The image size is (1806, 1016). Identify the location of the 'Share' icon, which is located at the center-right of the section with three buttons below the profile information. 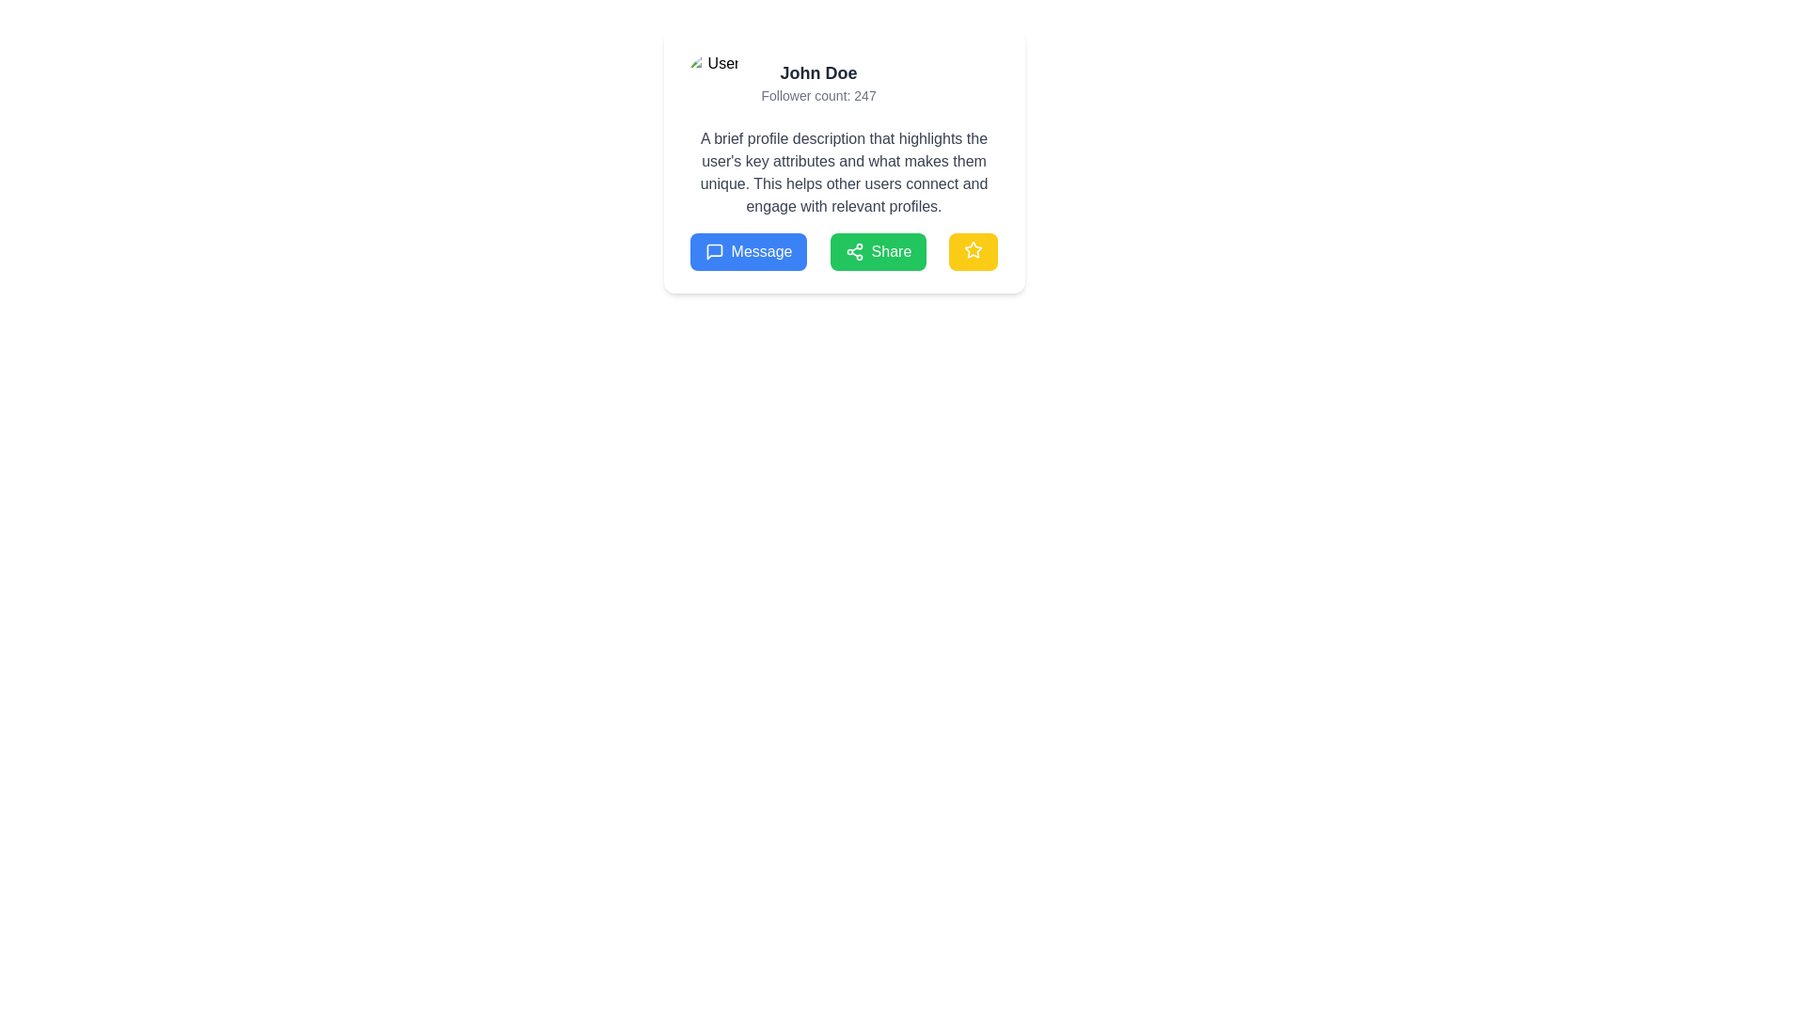
(853, 250).